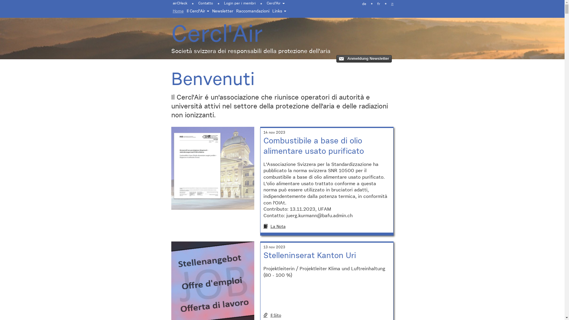 The image size is (569, 320). What do you see at coordinates (181, 3) in the screenshot?
I see `'airCHeck'` at bounding box center [181, 3].